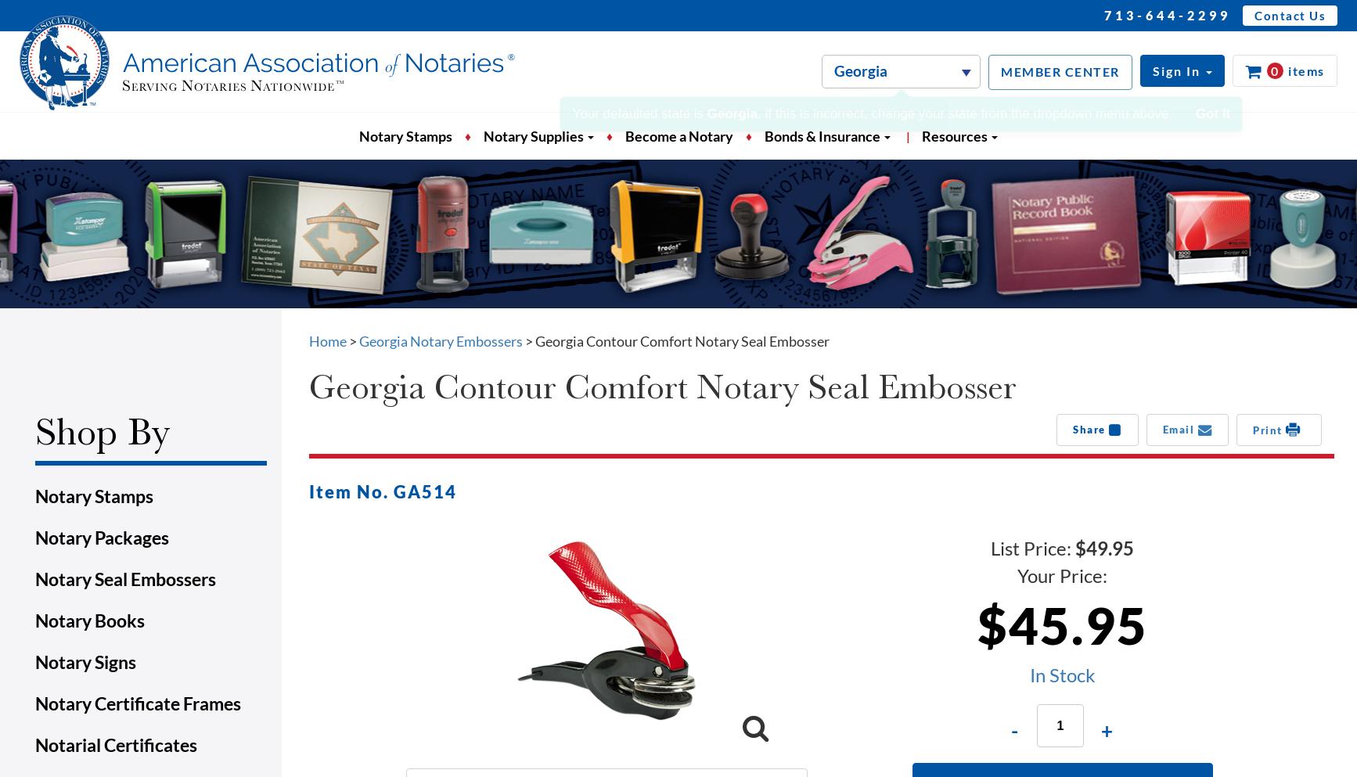  Describe the element at coordinates (35, 537) in the screenshot. I see `'Notary Packages'` at that location.